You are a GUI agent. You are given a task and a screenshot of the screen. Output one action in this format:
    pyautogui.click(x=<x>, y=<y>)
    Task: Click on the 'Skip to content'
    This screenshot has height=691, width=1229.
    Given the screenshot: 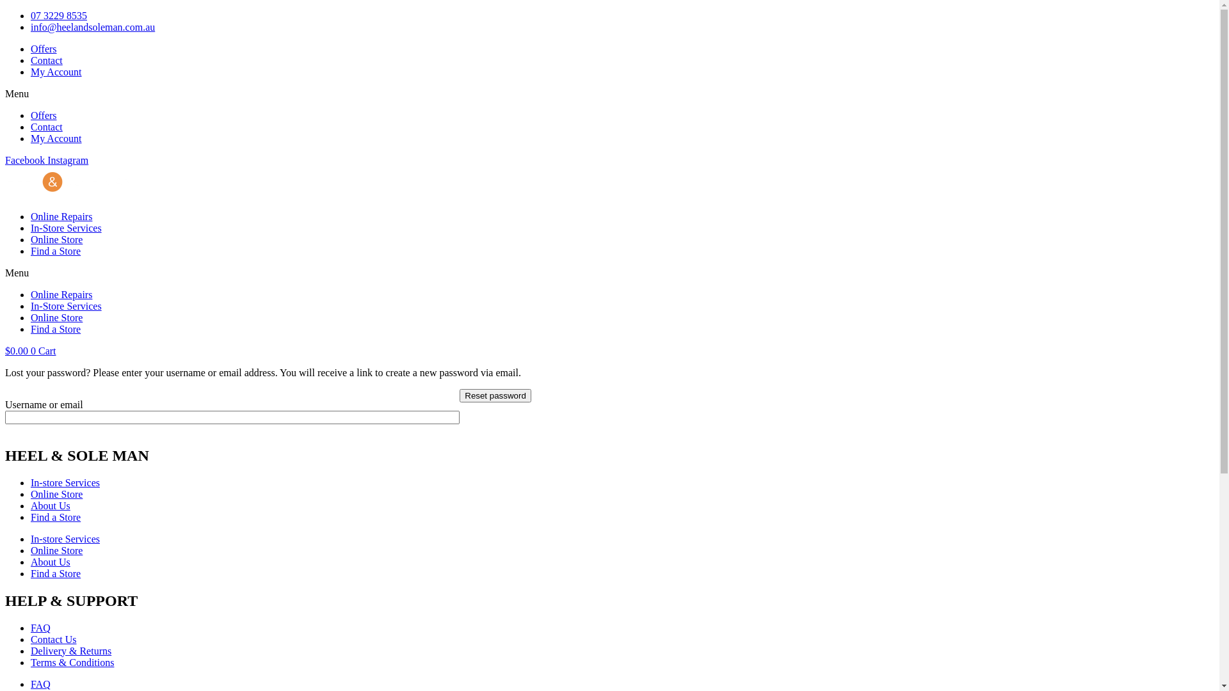 What is the action you would take?
    pyautogui.click(x=4, y=10)
    